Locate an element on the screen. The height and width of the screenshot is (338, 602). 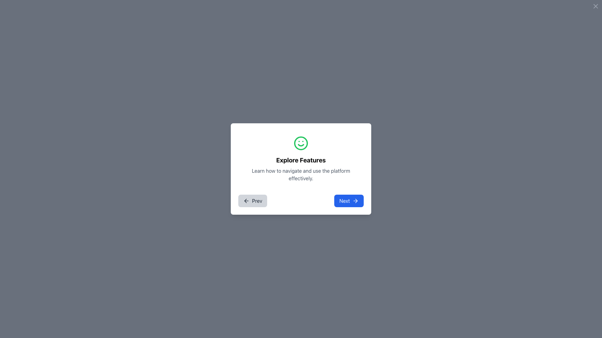
the right arrow icon within the 'Next' button is located at coordinates (355, 201).